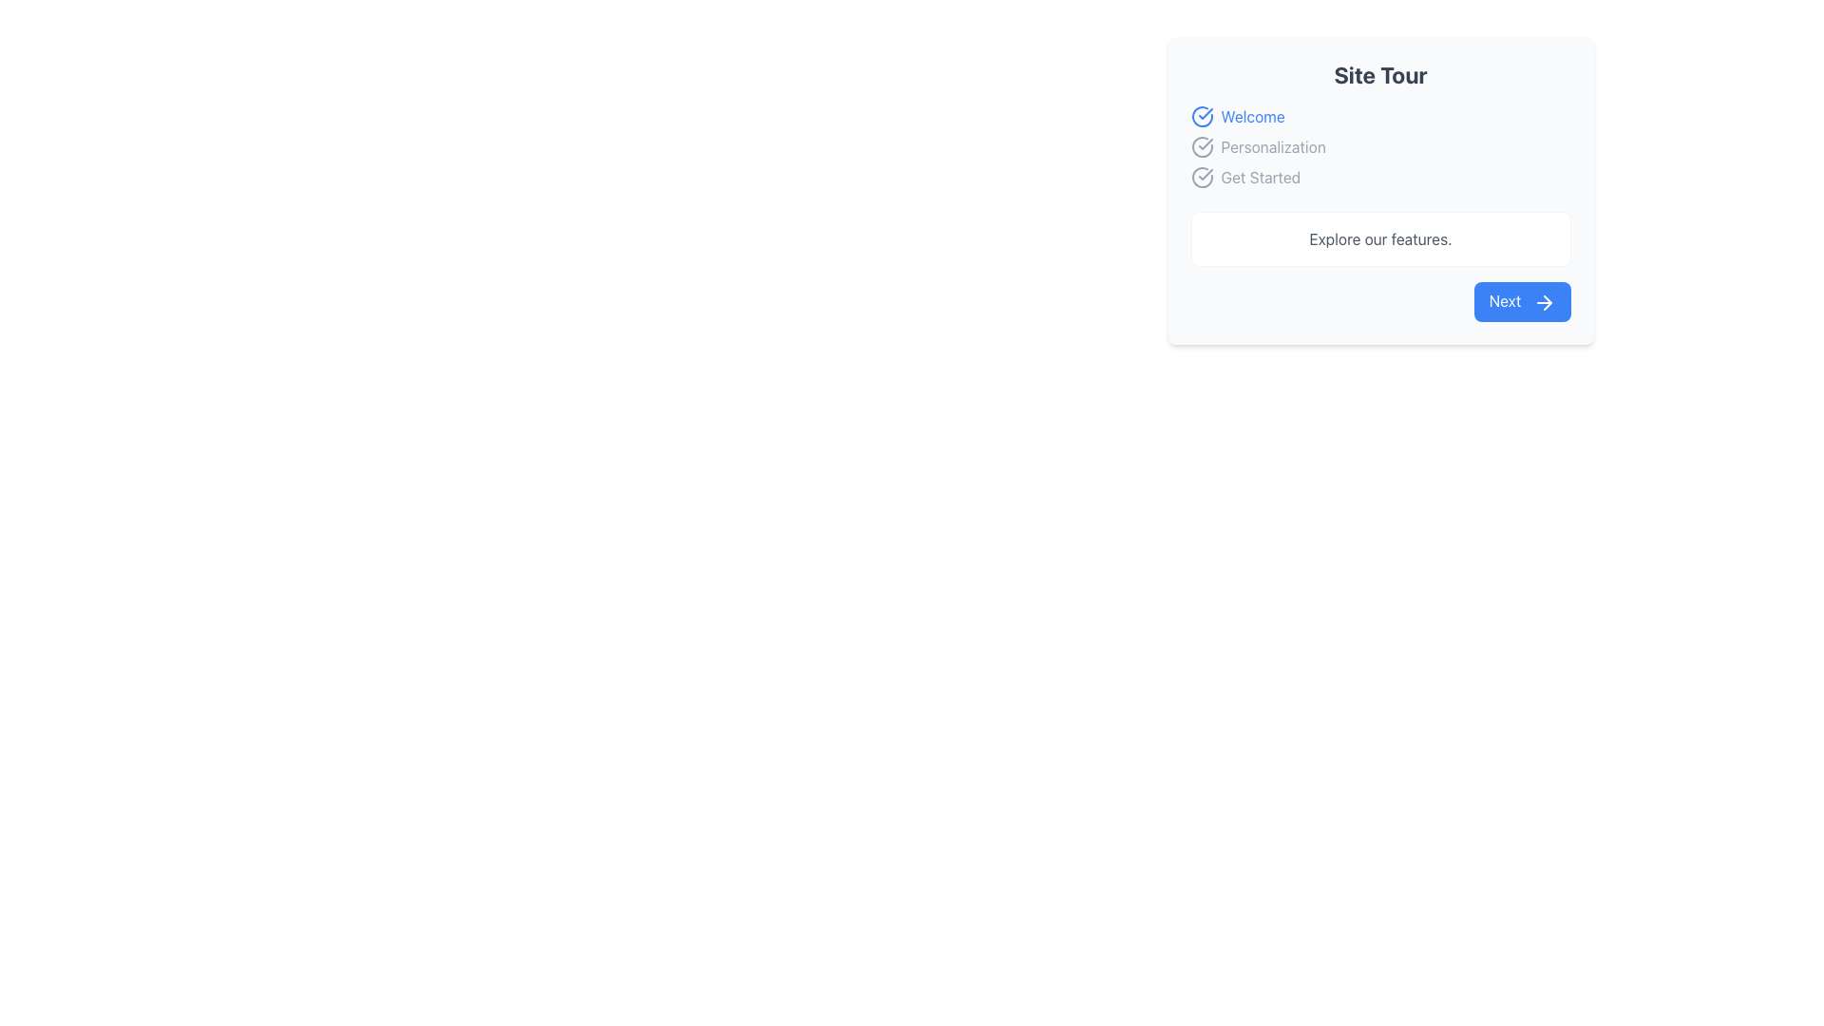 The image size is (1824, 1026). Describe the element at coordinates (1273, 145) in the screenshot. I see `the static text label displaying 'Personalization', which is the second item in a vertical list and is visually aligned with a checkmark icon to its left` at that location.